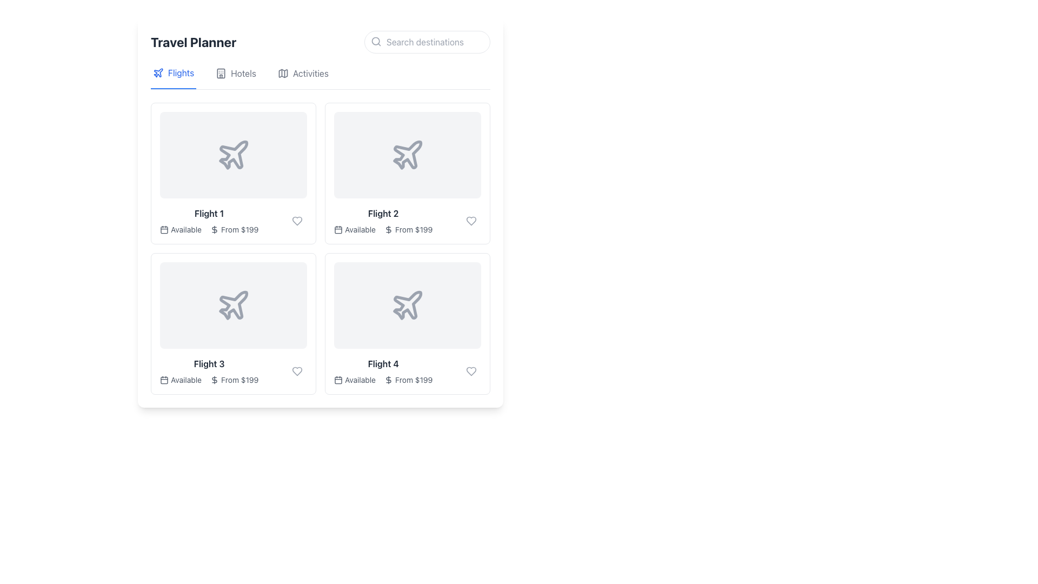 This screenshot has height=584, width=1038. I want to click on the heart-shaped icon located in the bottom right area of the second card in the 'Flight 2' section of the 'Flights' tab to mark the flight as favorite, so click(471, 220).